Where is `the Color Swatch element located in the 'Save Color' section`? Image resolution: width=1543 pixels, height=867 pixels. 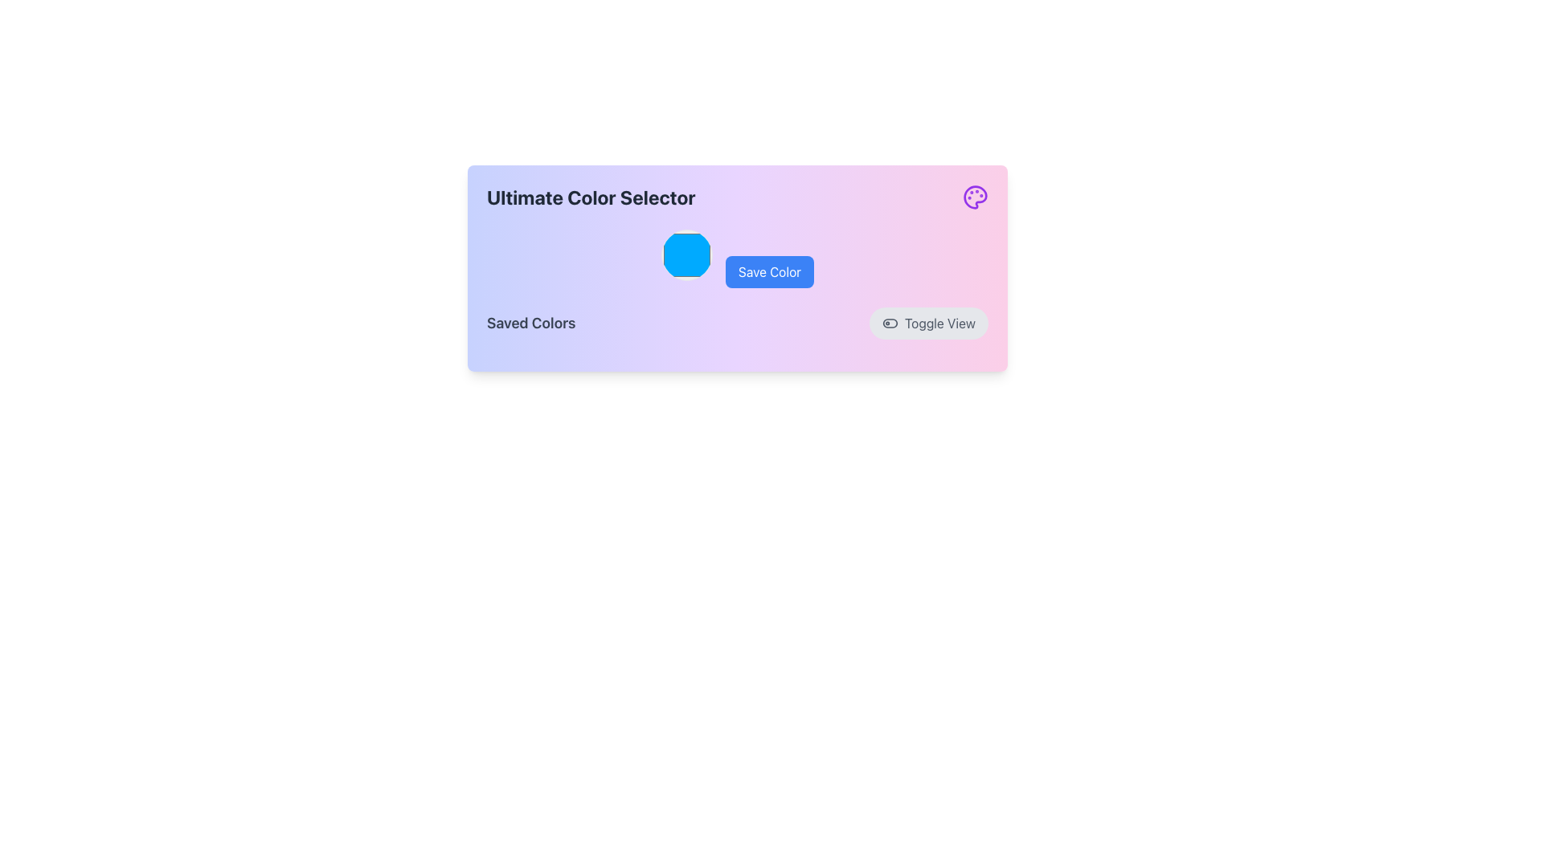
the Color Swatch element located in the 'Save Color' section is located at coordinates (686, 254).